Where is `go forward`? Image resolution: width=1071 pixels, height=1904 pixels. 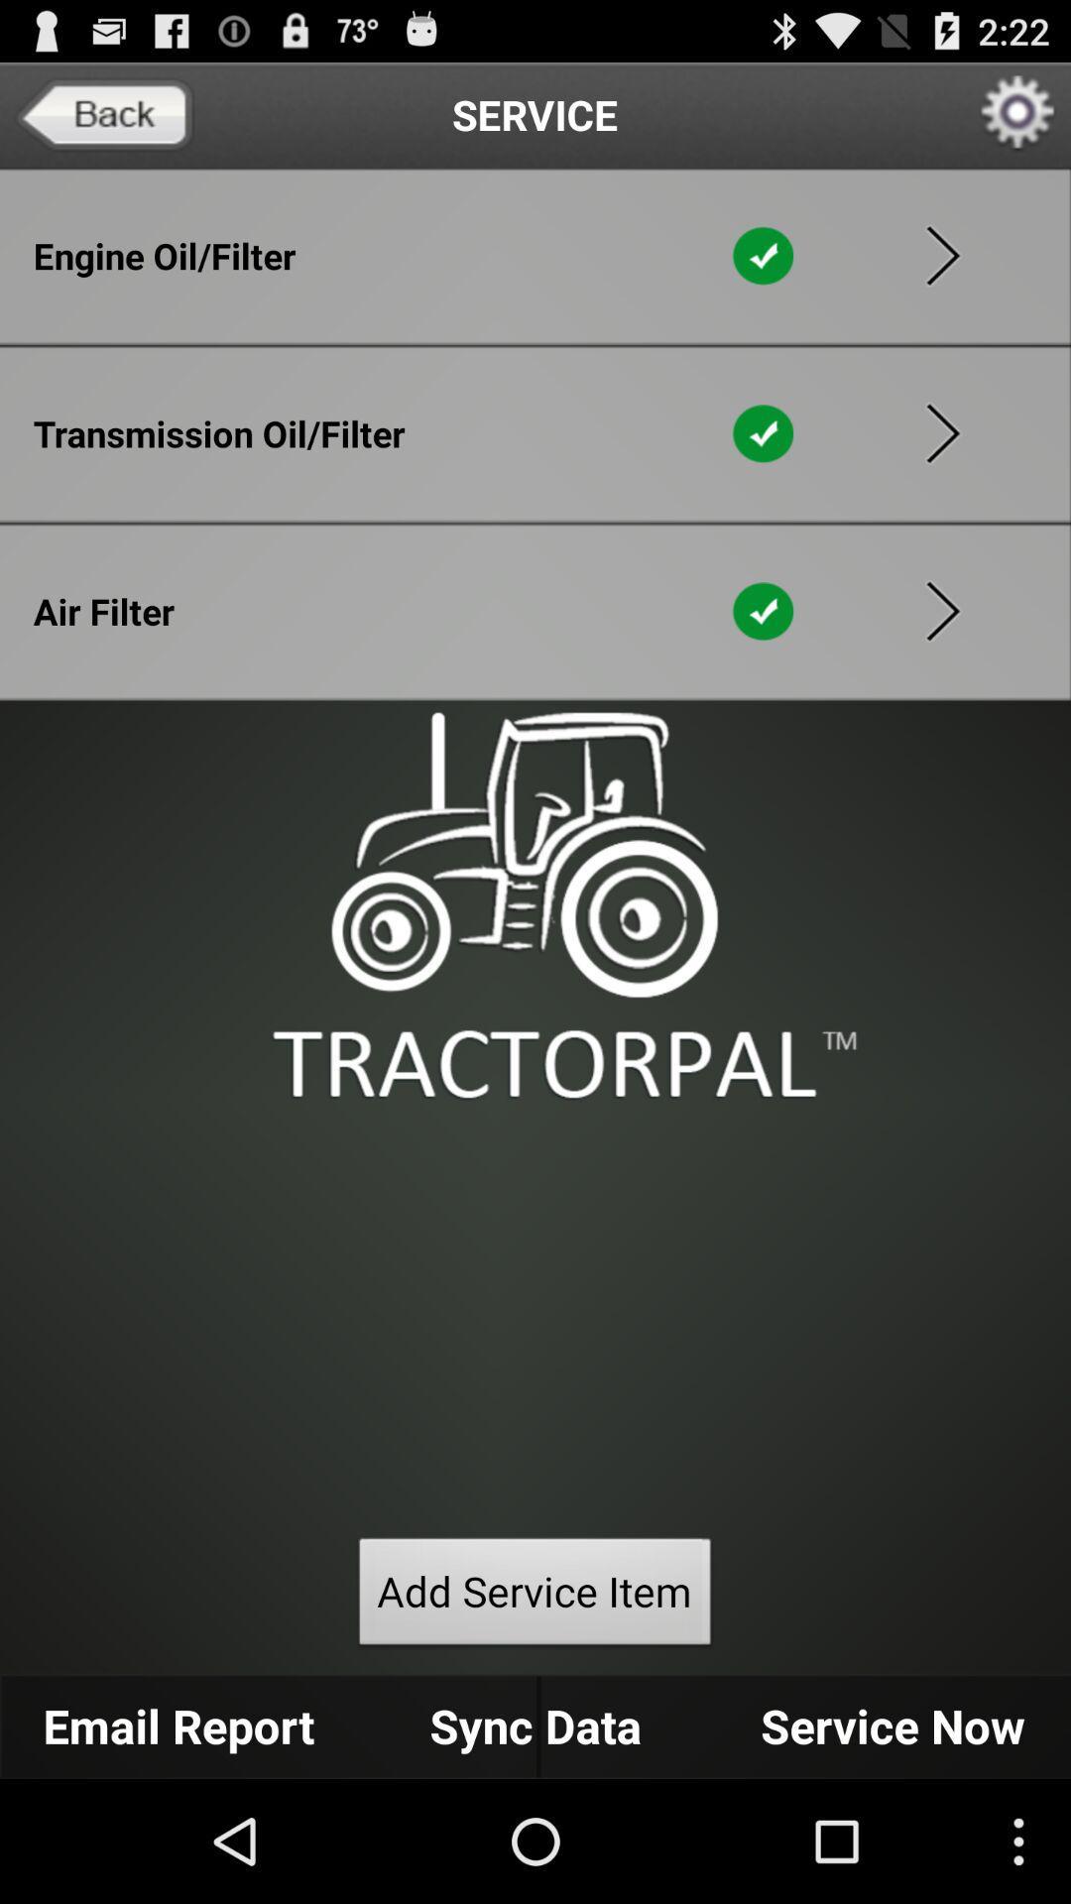
go forward is located at coordinates (942, 610).